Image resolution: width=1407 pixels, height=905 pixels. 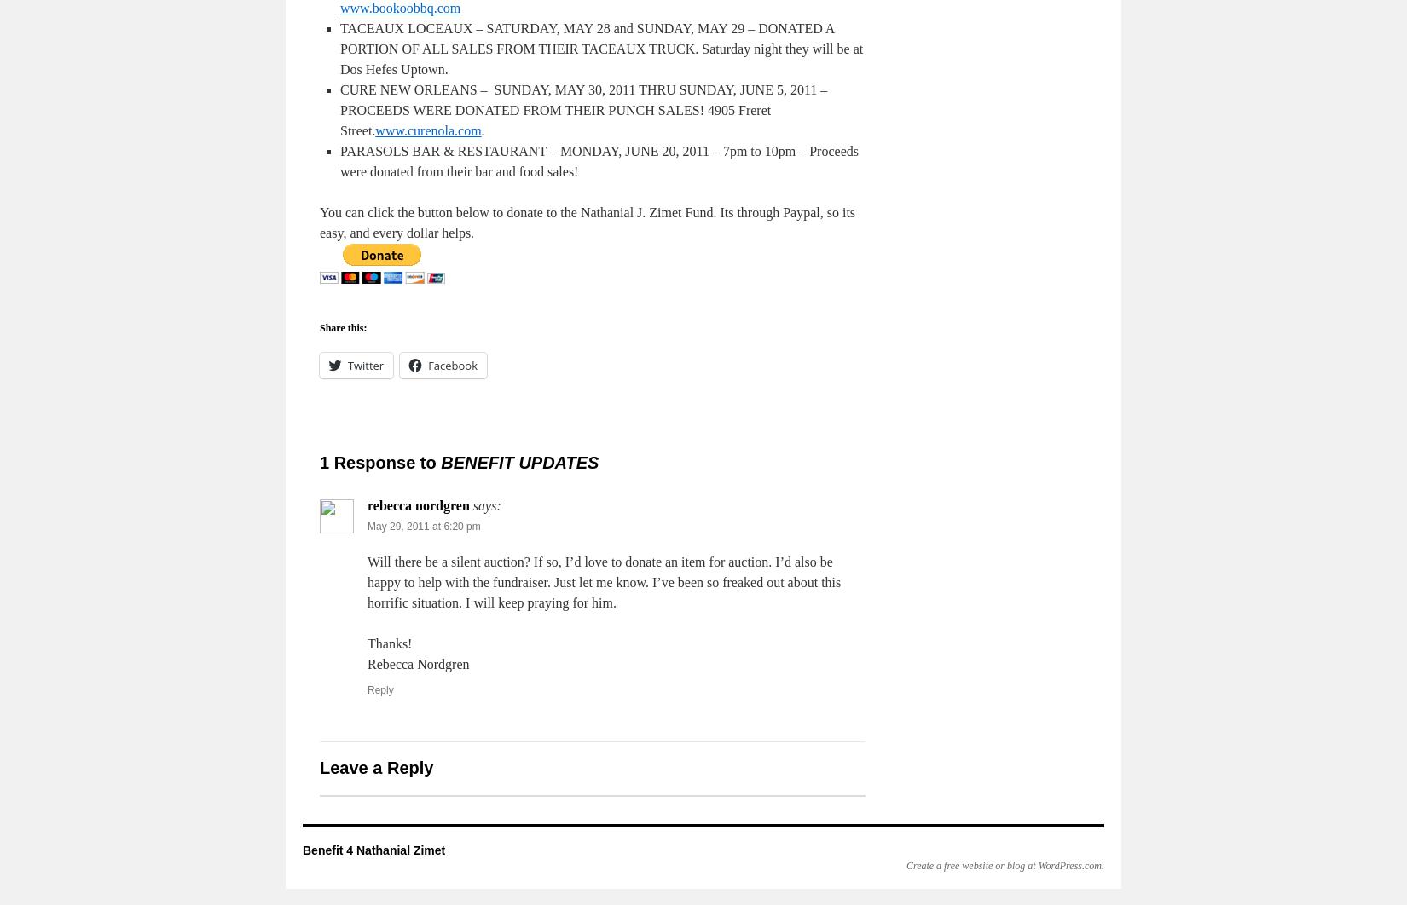 I want to click on 'Thanks!', so click(x=389, y=643).